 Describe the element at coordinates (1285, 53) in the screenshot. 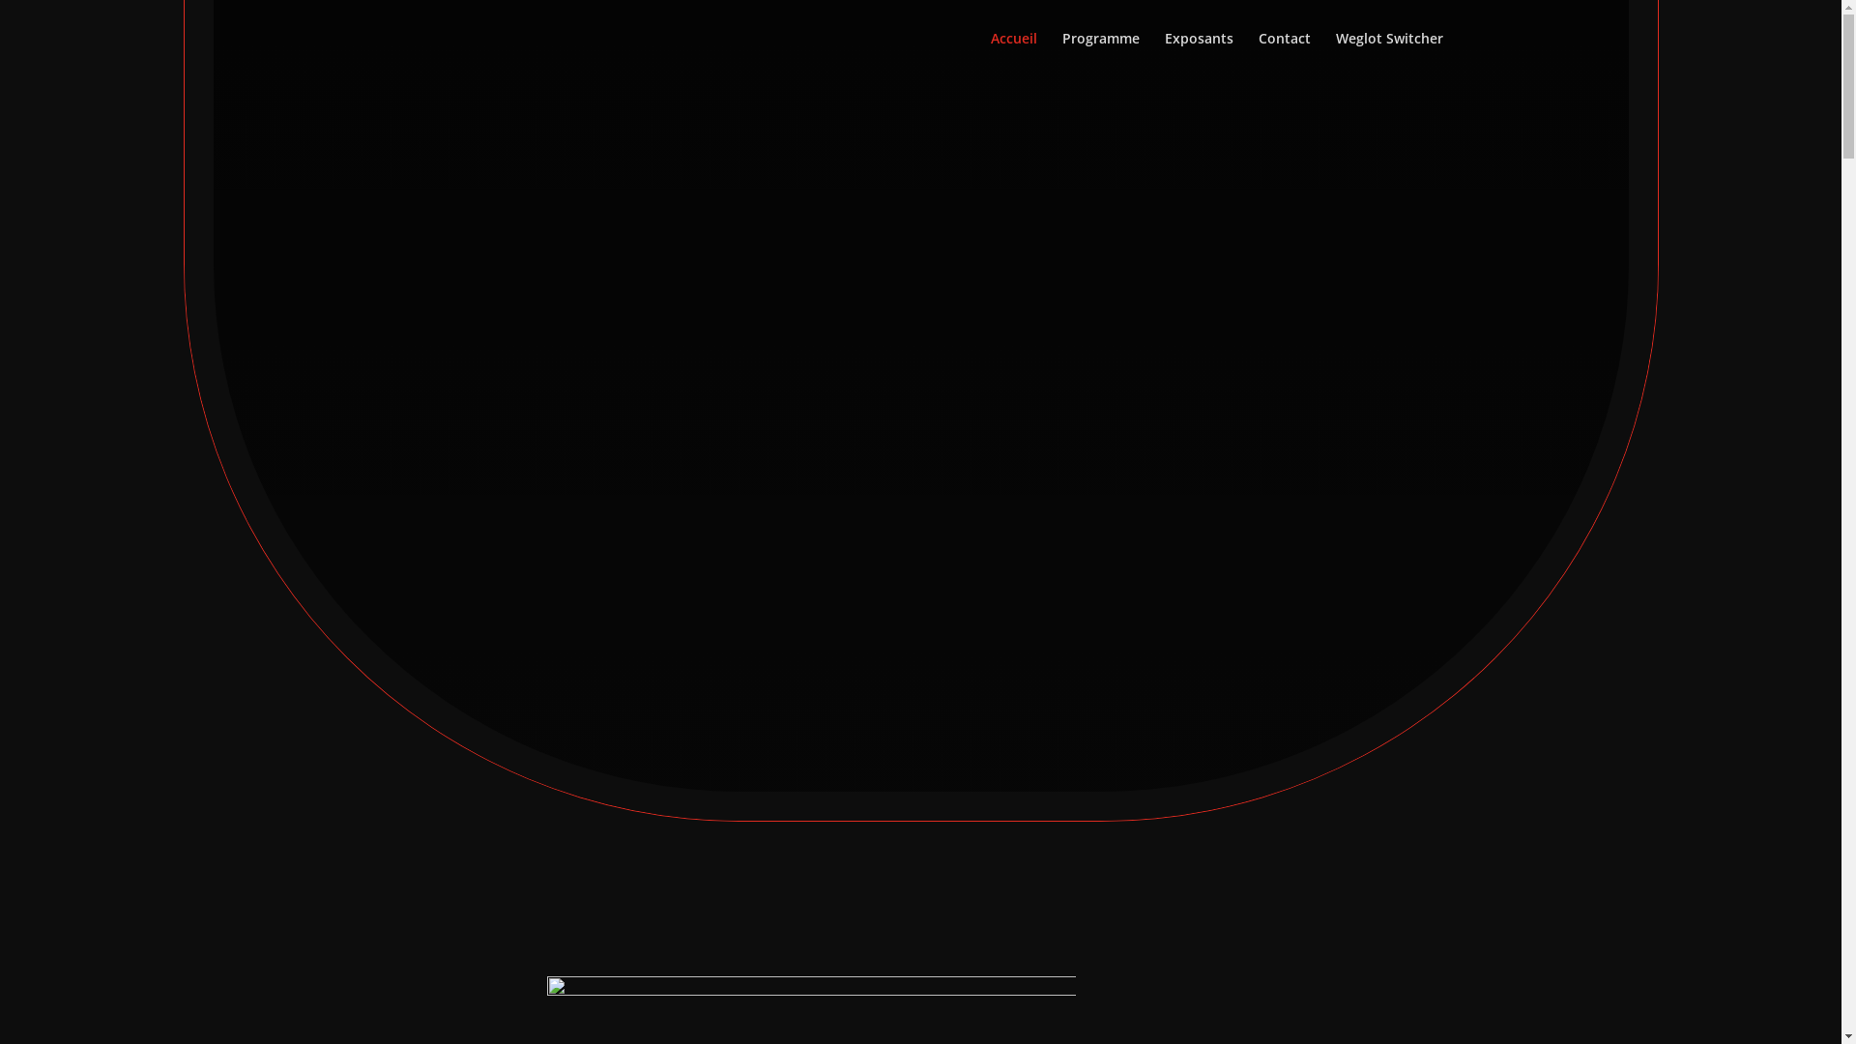

I see `'Contact'` at that location.